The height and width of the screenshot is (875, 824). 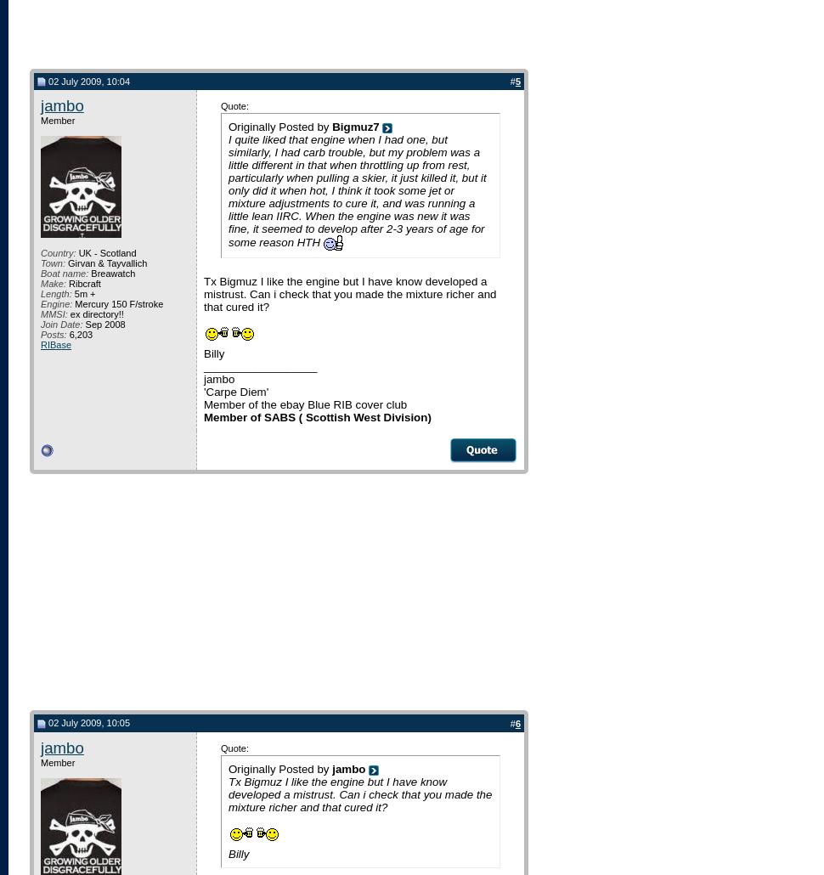 I want to click on '5m +', so click(x=82, y=293).